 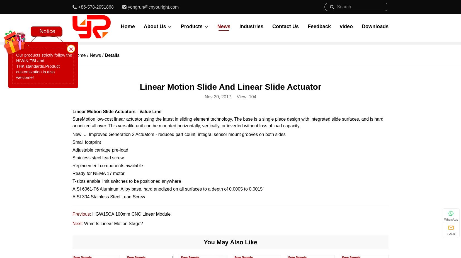 What do you see at coordinates (43, 66) in the screenshot?
I see `'Our products strictly follow the HIWIN,TBI and THK standards.Product customization is also welcome!'` at bounding box center [43, 66].